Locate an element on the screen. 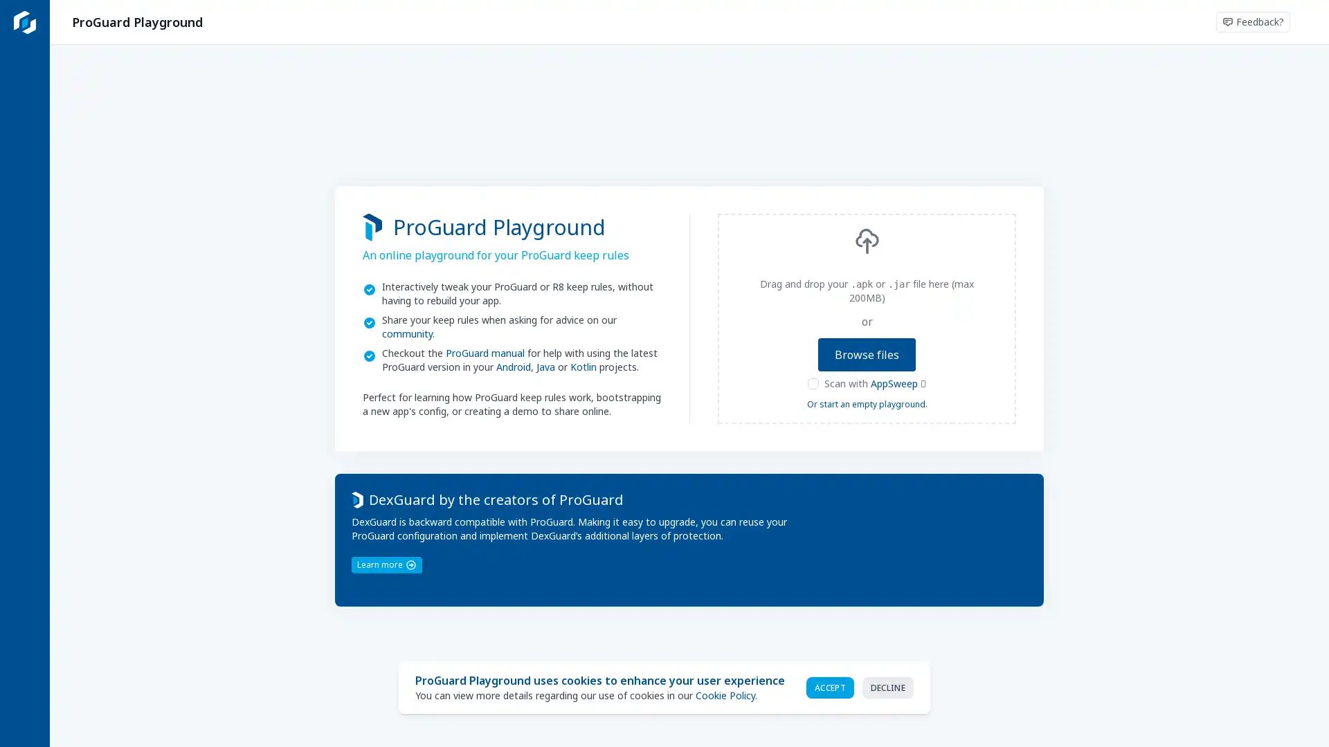  ACCEPT is located at coordinates (830, 687).